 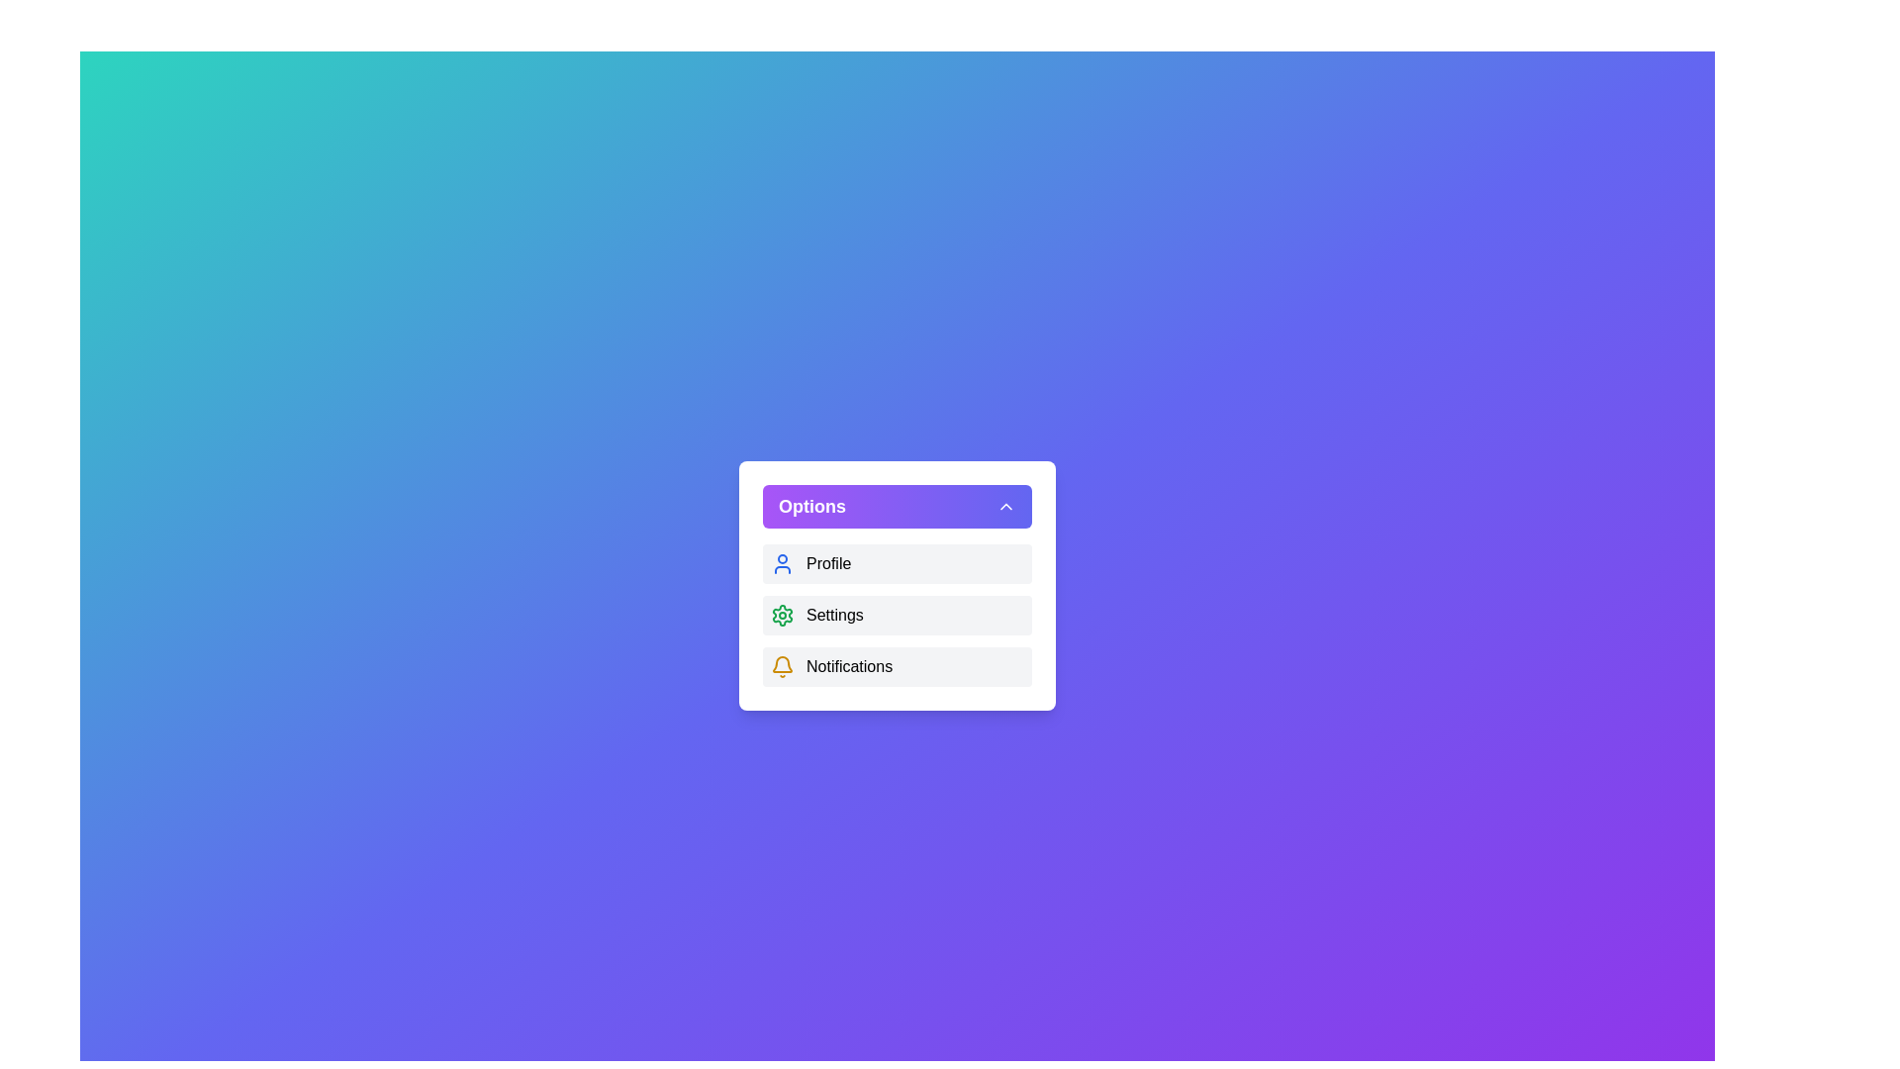 I want to click on the 'Profile' option in the menu, so click(x=897, y=564).